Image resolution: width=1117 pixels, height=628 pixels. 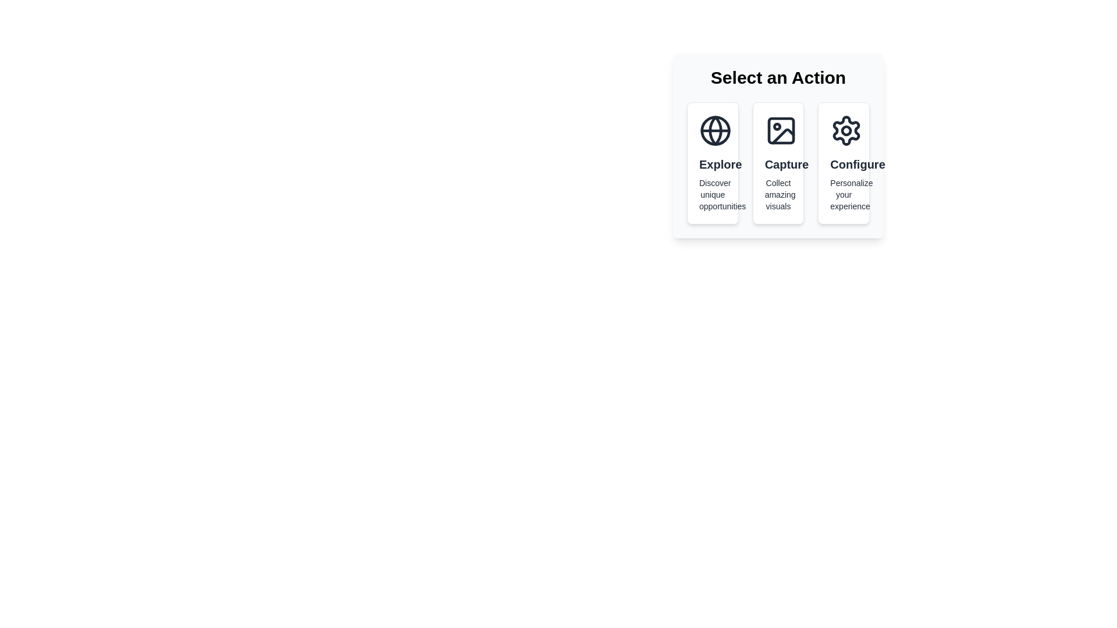 What do you see at coordinates (846, 130) in the screenshot?
I see `the gear icon representing settings in the 'Configure' card, which is the fourth icon in a horizontal layout under 'Personalize your experience.'` at bounding box center [846, 130].